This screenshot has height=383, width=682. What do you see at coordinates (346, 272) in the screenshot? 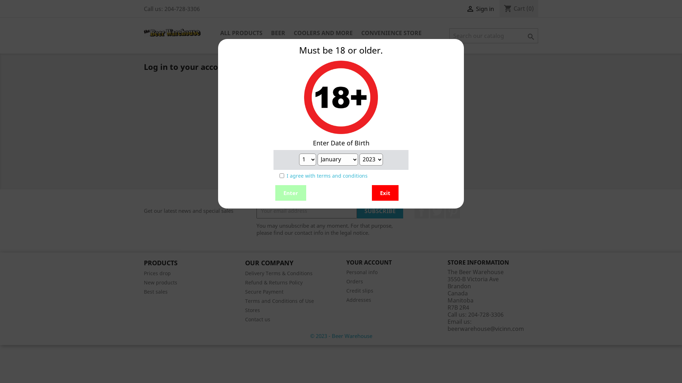
I see `'Personal info'` at bounding box center [346, 272].